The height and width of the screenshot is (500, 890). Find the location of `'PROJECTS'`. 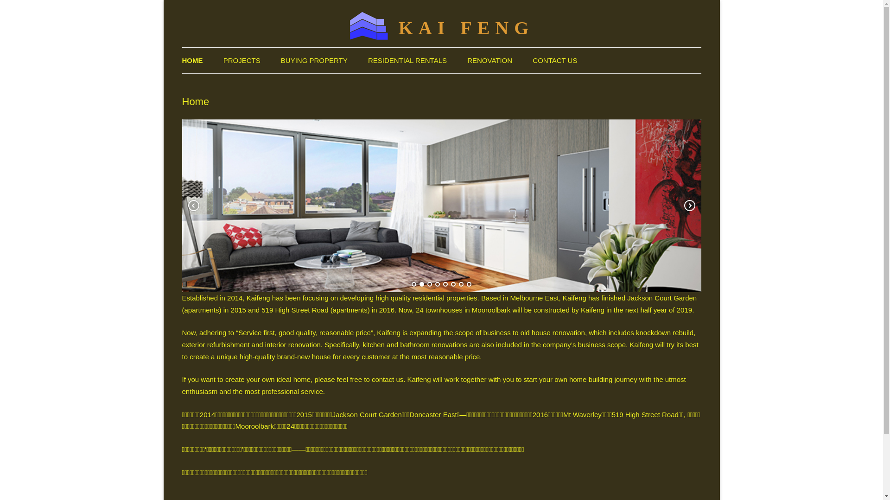

'PROJECTS' is located at coordinates (223, 60).